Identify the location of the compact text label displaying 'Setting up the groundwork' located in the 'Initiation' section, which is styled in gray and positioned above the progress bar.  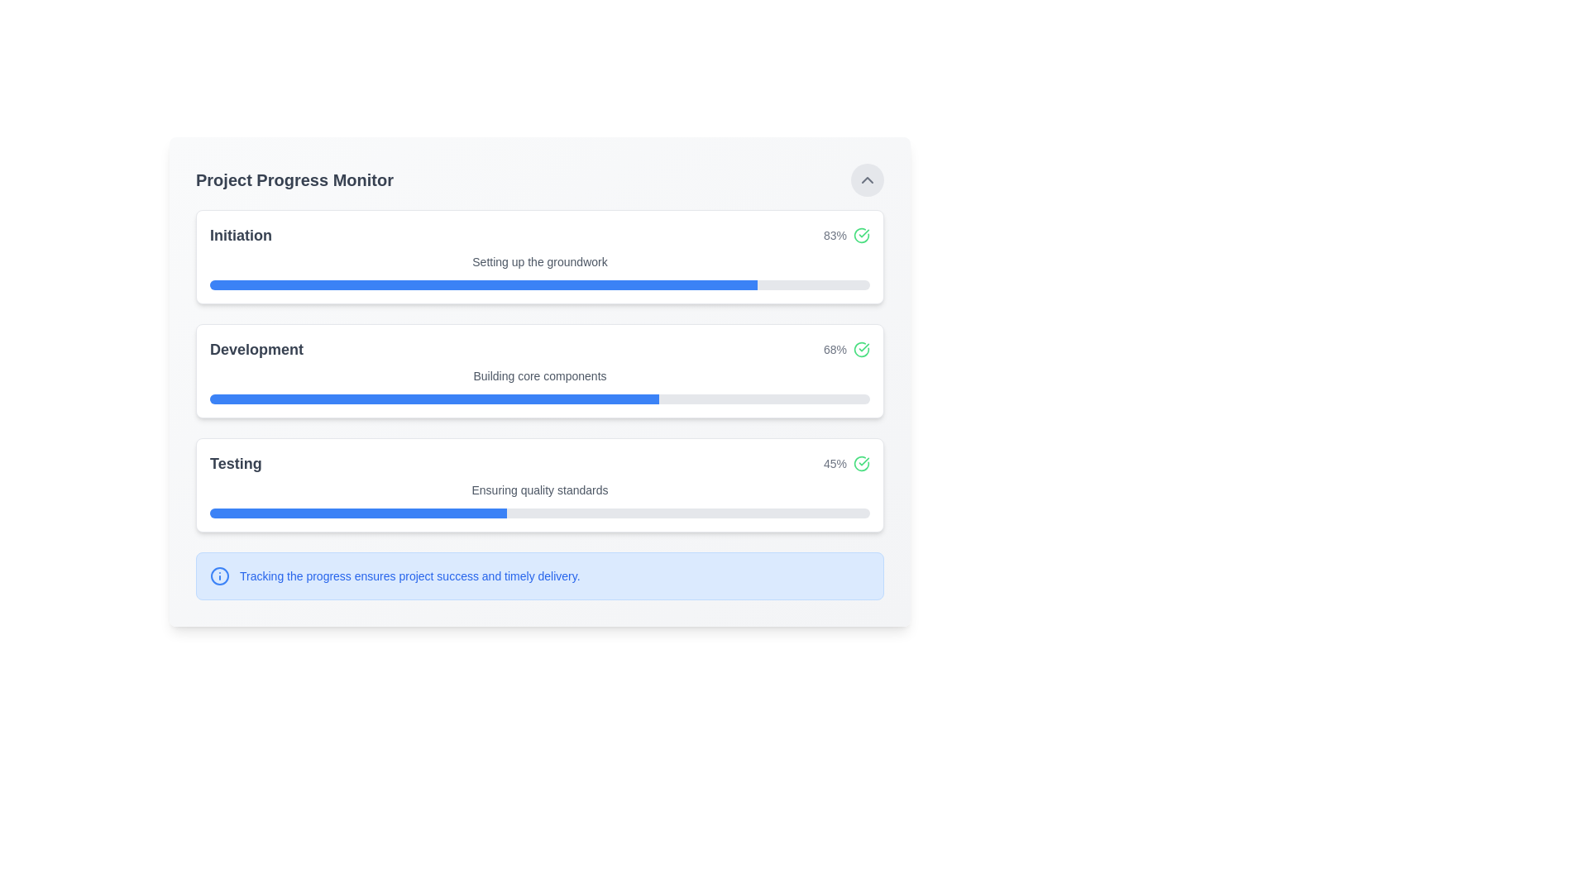
(539, 260).